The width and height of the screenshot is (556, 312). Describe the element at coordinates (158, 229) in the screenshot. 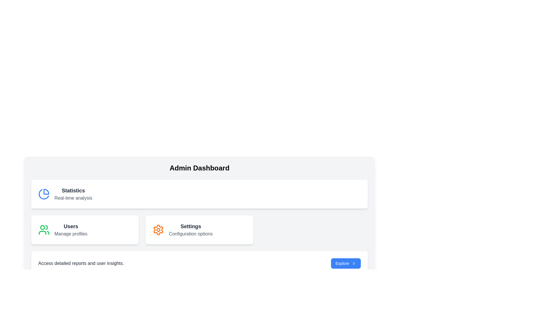

I see `the decorative circular hub element that is centered within the 'Settings' gear icon located in the second row of the main options panel in the admin dashboard` at that location.